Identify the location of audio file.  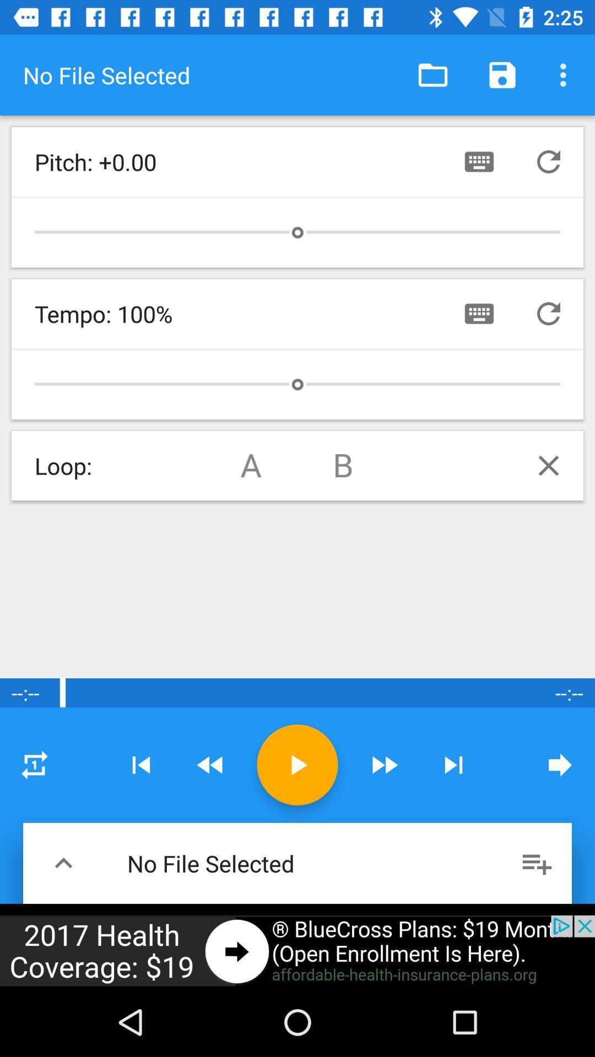
(297, 764).